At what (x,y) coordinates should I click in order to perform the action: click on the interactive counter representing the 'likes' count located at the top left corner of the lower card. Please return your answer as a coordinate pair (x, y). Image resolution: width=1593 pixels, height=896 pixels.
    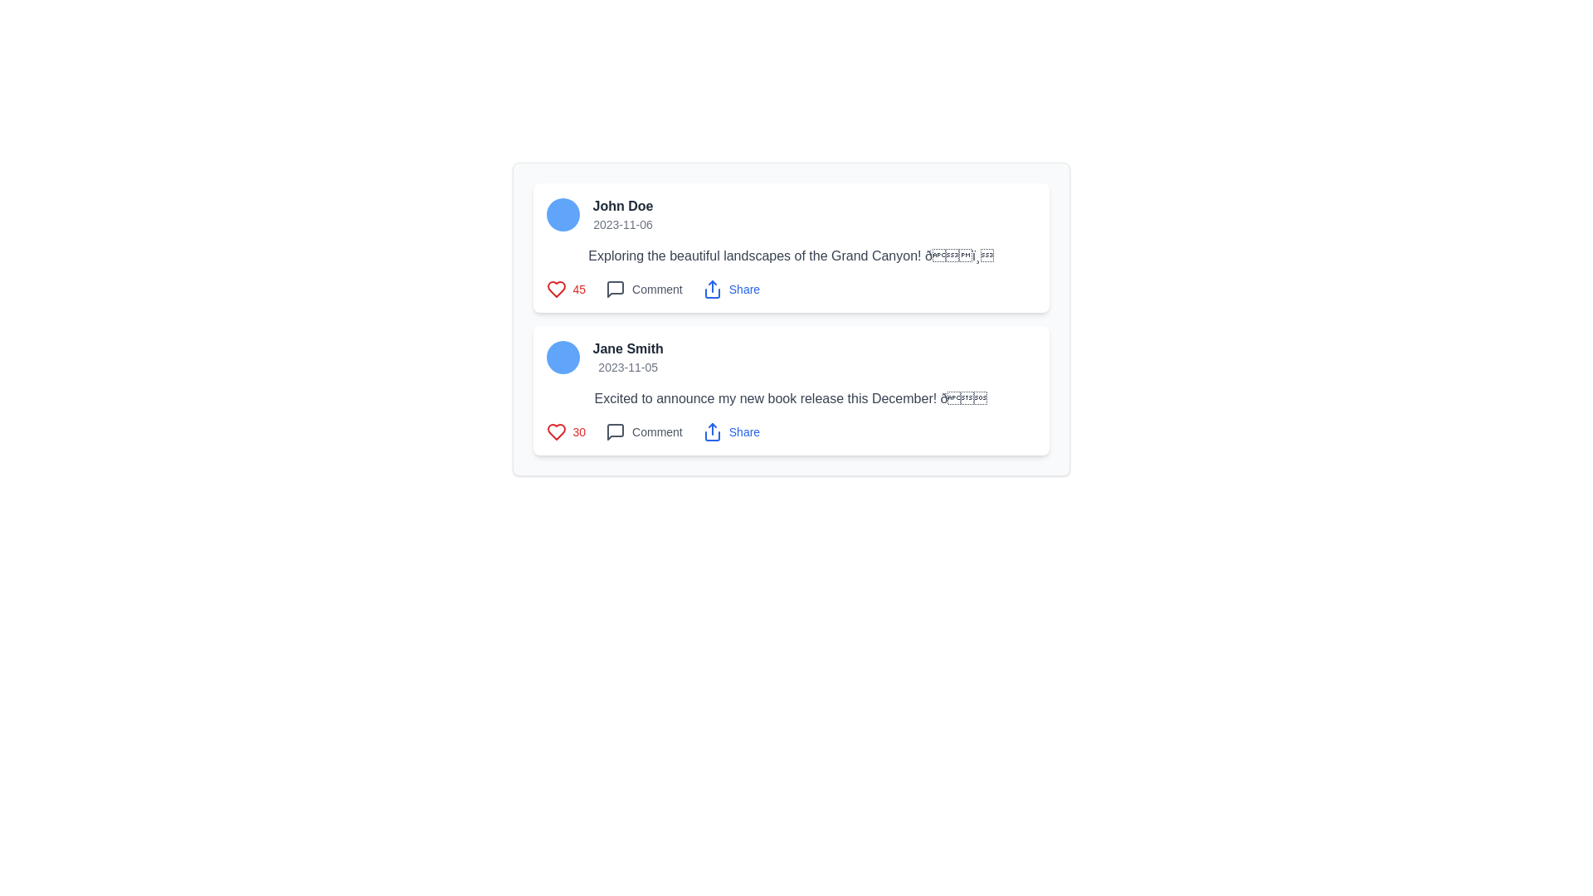
    Looking at the image, I should click on (566, 431).